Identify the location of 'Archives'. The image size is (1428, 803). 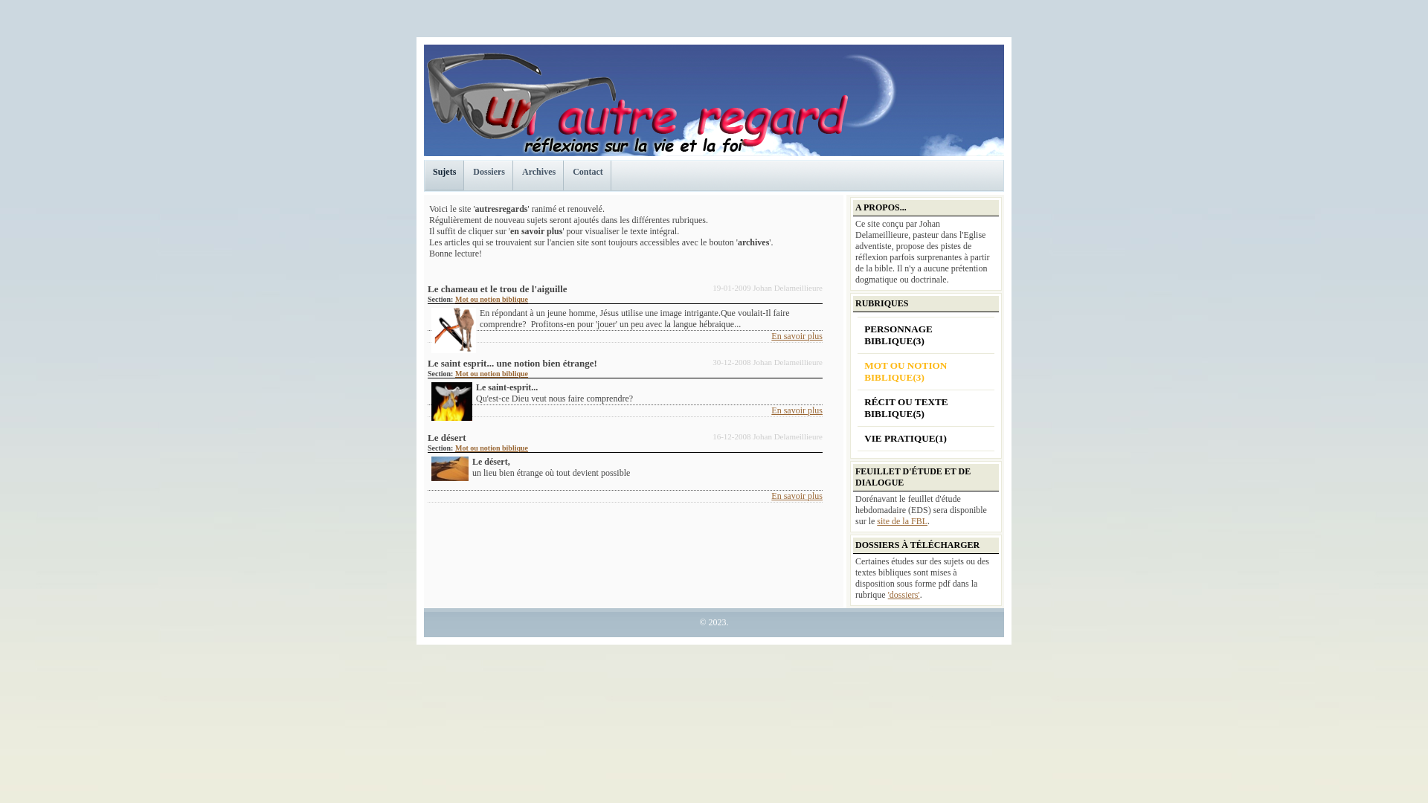
(538, 174).